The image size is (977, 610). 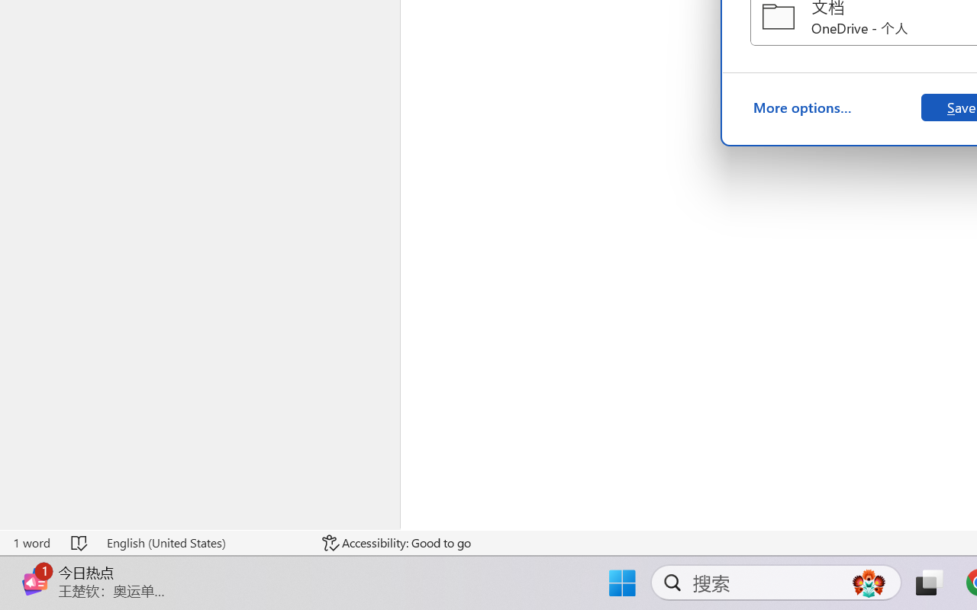 I want to click on 'Accessibility Checker Accessibility: Good to go', so click(x=396, y=542).